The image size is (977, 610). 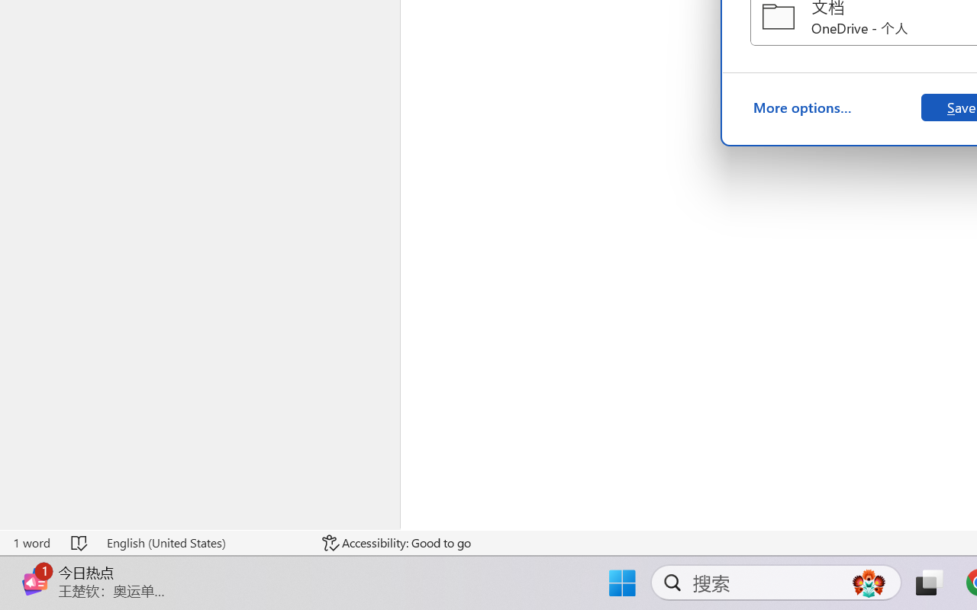 I want to click on 'Accessibility Checker Accessibility: Good to go', so click(x=396, y=542).